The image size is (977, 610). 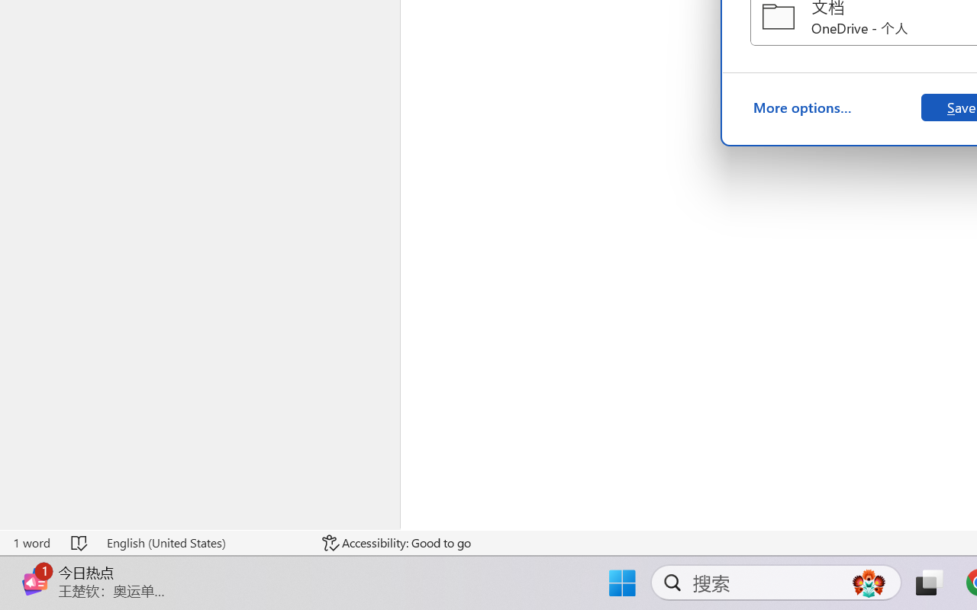 I want to click on 'Accessibility Checker Accessibility: Good to go', so click(x=396, y=542).